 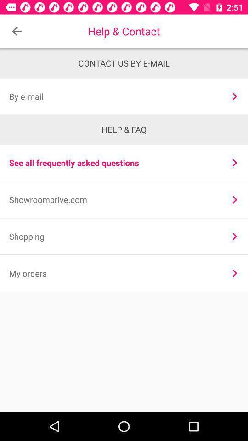 What do you see at coordinates (235, 236) in the screenshot?
I see `icon to the right of the shopping item` at bounding box center [235, 236].